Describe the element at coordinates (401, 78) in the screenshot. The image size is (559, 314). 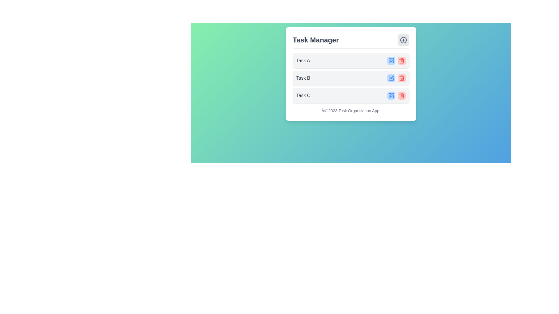
I see `the trash bin icon button with a red background` at that location.